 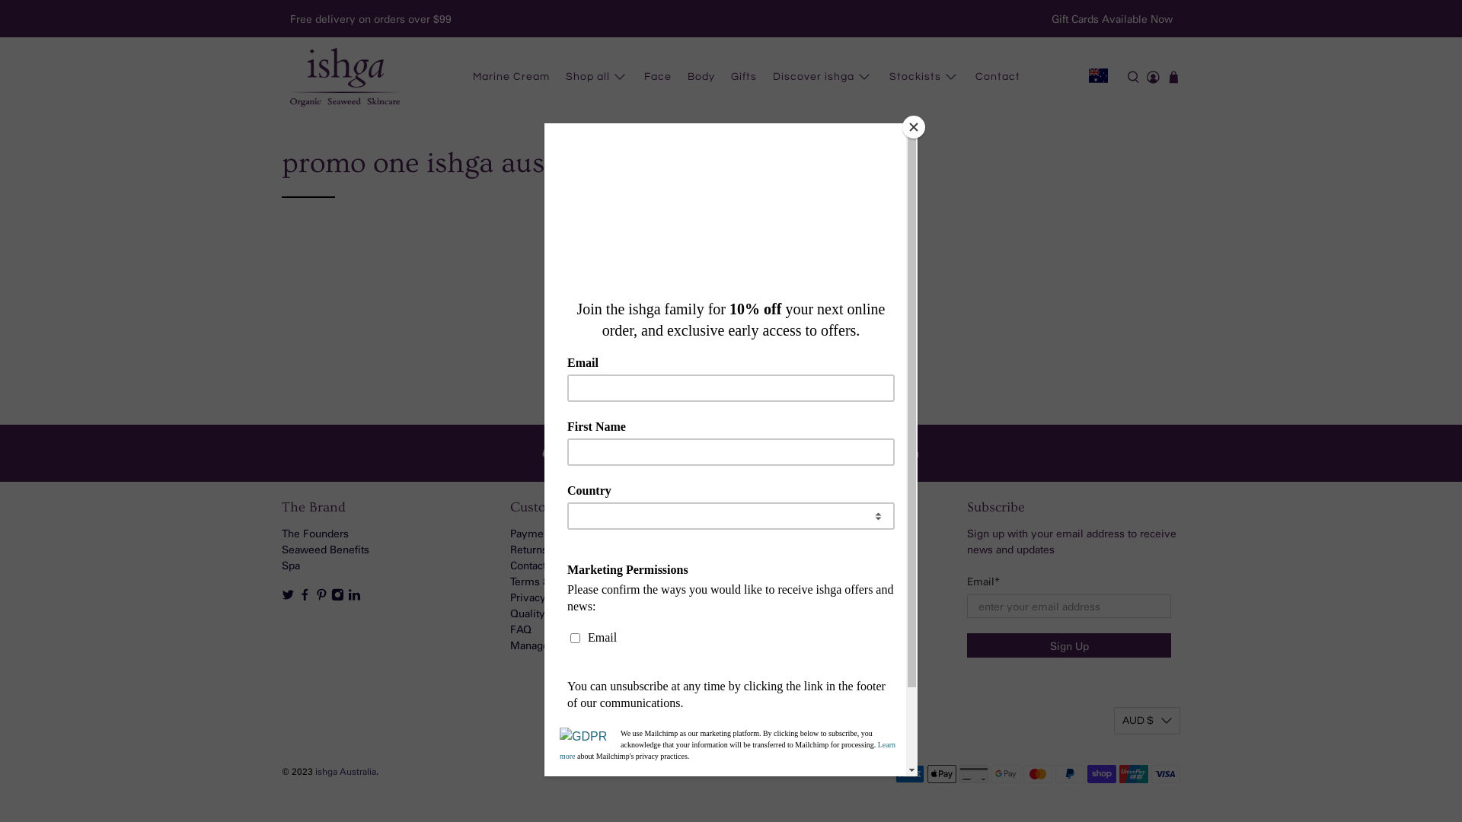 What do you see at coordinates (291, 565) in the screenshot?
I see `'Spa'` at bounding box center [291, 565].